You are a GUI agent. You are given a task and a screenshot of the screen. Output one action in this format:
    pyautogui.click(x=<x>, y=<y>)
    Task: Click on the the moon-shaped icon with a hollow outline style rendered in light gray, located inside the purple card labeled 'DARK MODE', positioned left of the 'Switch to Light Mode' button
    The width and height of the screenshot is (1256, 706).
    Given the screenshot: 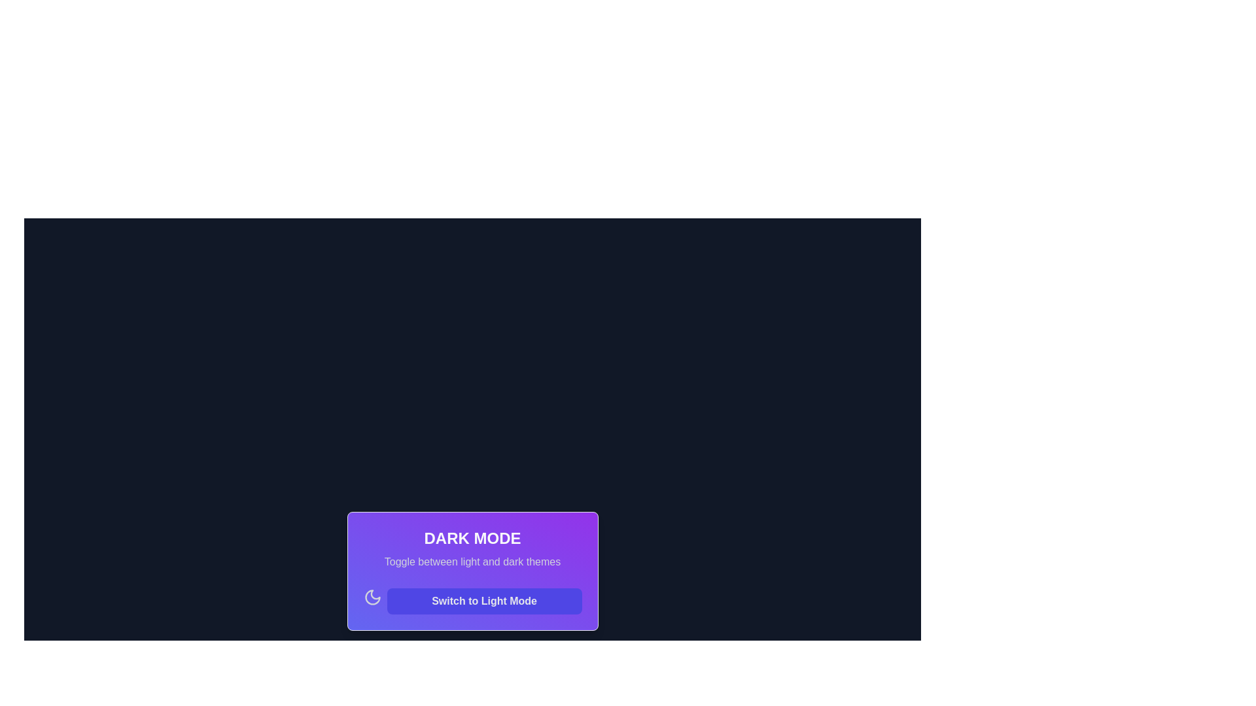 What is the action you would take?
    pyautogui.click(x=372, y=597)
    